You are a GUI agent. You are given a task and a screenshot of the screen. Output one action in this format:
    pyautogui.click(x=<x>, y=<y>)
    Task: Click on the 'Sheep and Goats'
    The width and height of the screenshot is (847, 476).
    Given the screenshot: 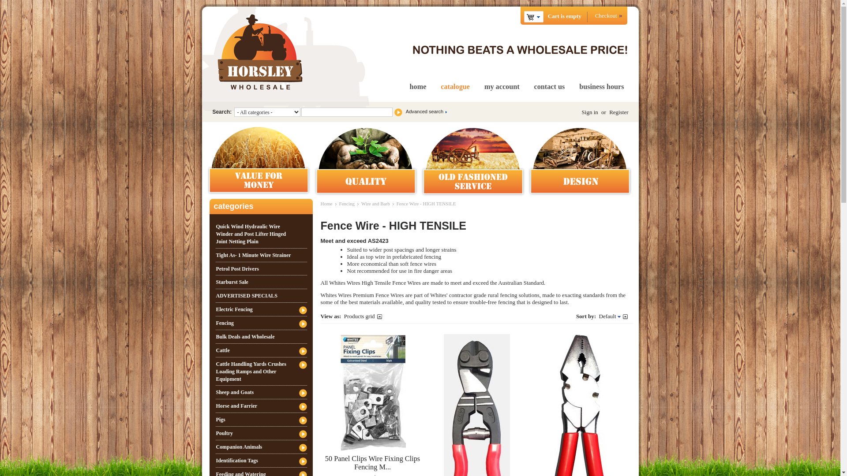 What is the action you would take?
    pyautogui.click(x=215, y=392)
    